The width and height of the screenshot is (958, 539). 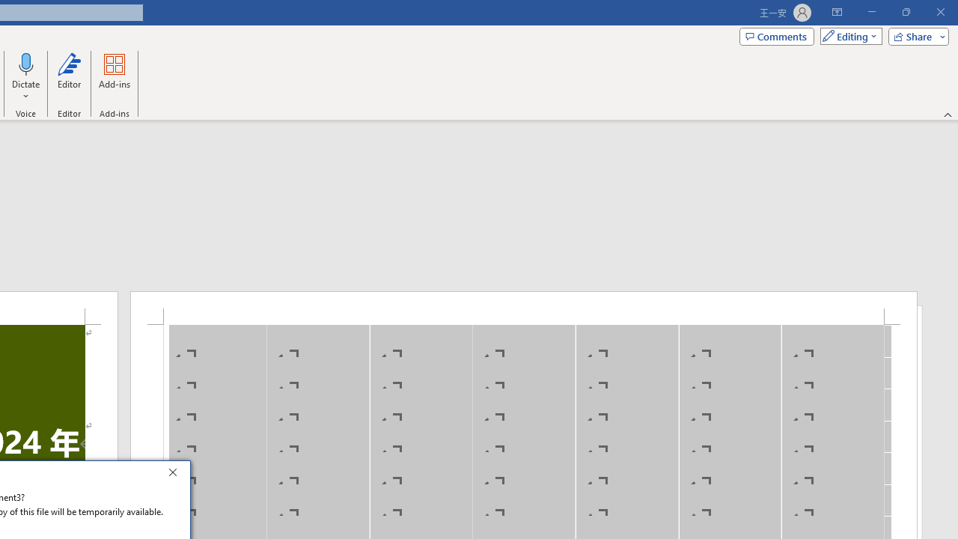 I want to click on 'Dictate', so click(x=26, y=63).